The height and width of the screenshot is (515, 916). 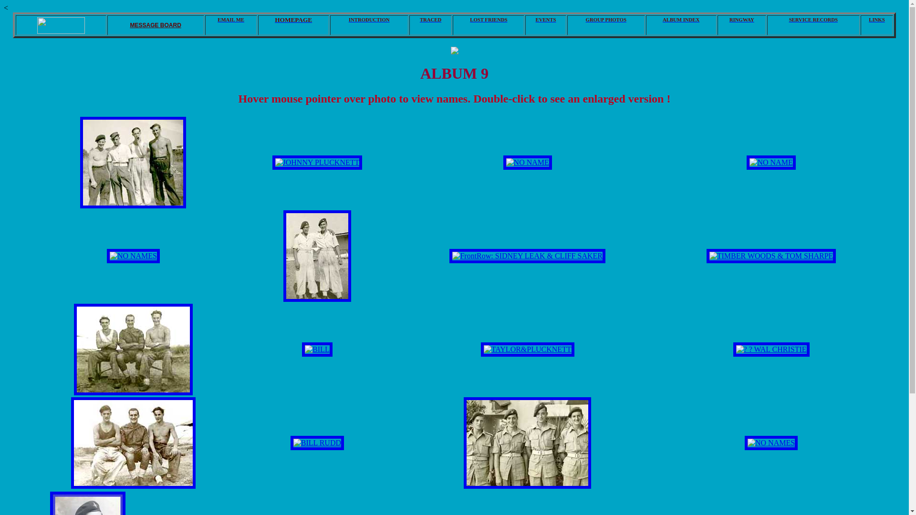 I want to click on 'HOMEPAGE', so click(x=293, y=20).